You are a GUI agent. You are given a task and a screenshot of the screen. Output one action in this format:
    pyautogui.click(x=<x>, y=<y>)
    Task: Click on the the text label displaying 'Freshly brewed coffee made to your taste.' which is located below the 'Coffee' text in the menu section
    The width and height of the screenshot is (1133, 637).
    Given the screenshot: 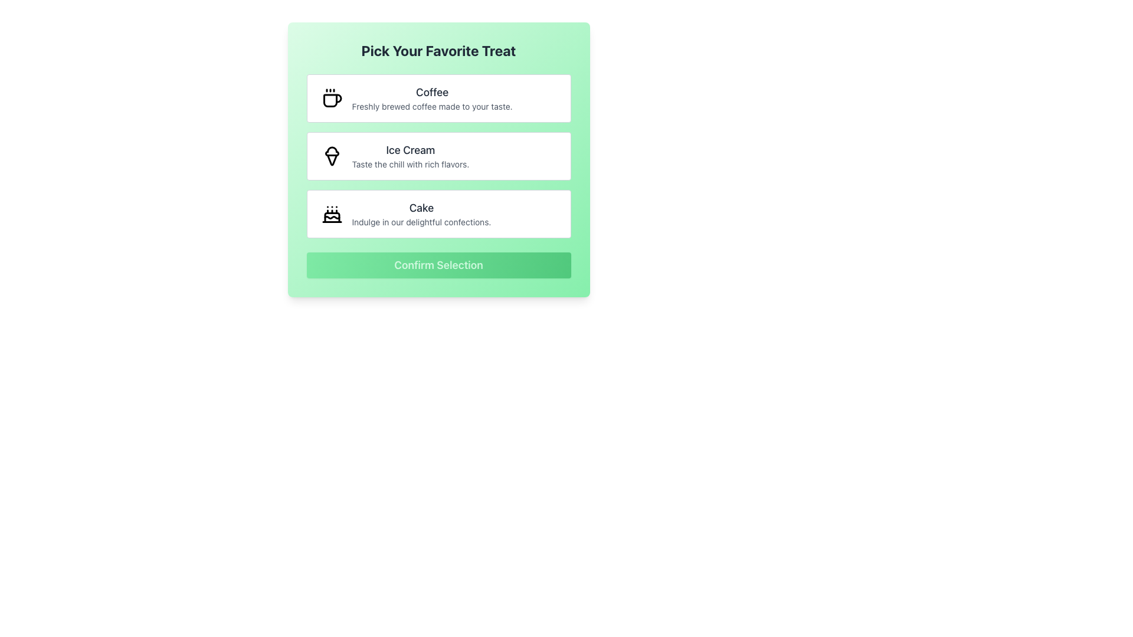 What is the action you would take?
    pyautogui.click(x=431, y=107)
    